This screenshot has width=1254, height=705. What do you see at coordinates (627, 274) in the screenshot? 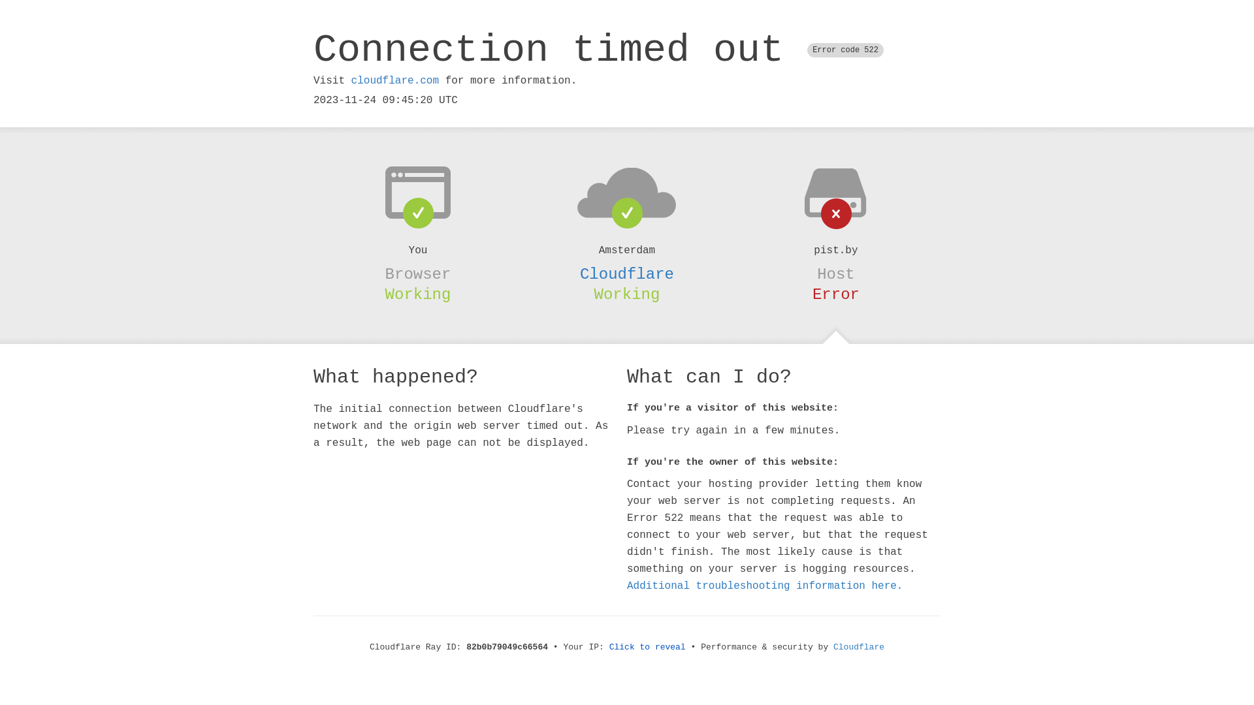
I see `'Cloudflare'` at bounding box center [627, 274].